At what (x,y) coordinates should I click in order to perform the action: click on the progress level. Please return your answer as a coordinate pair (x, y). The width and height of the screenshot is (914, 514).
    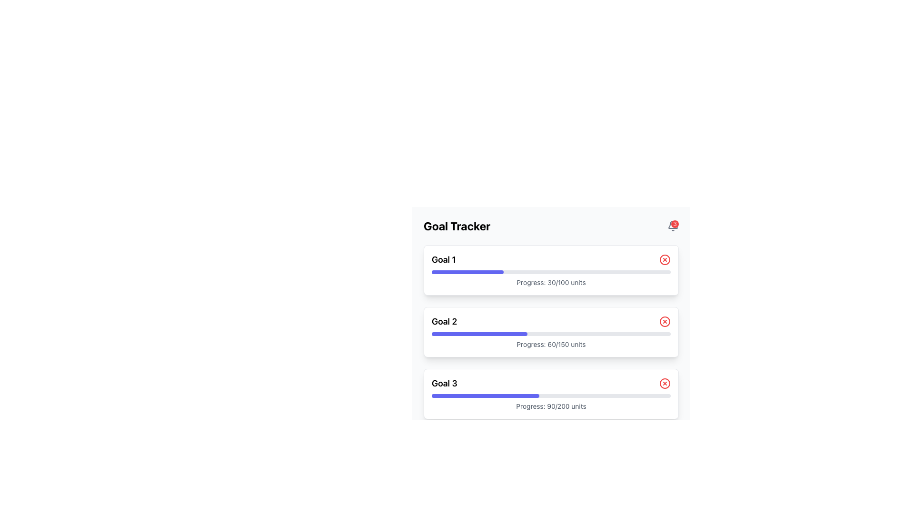
    Looking at the image, I should click on (517, 334).